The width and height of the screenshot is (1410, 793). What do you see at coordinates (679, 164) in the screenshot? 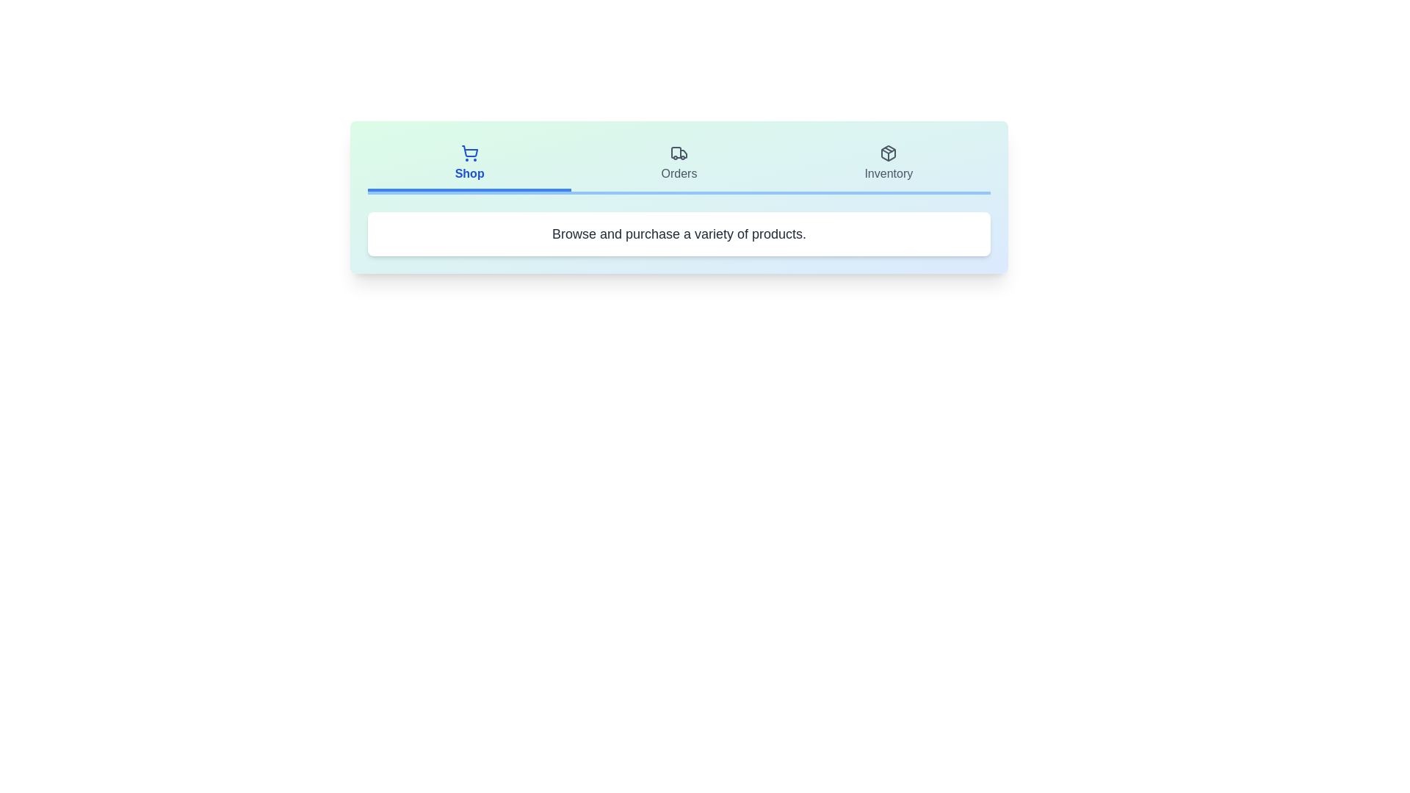
I see `the Orders tab` at bounding box center [679, 164].